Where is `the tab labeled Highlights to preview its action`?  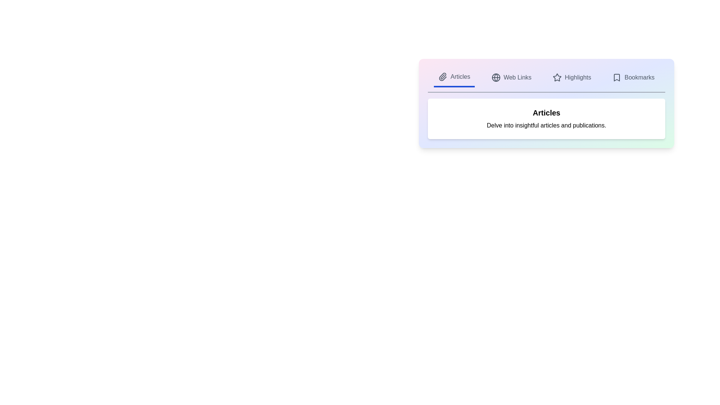
the tab labeled Highlights to preview its action is located at coordinates (571, 78).